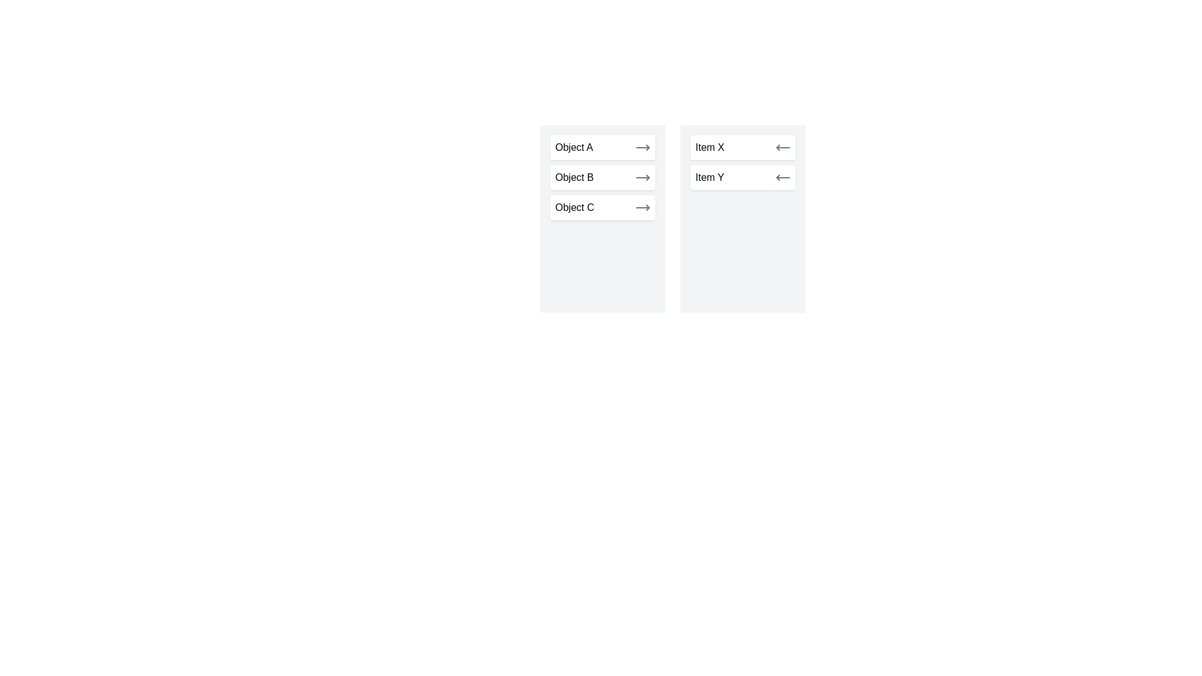 Image resolution: width=1202 pixels, height=676 pixels. Describe the element at coordinates (643, 178) in the screenshot. I see `transfer button next to Object B in the left list to move it to the right list` at that location.